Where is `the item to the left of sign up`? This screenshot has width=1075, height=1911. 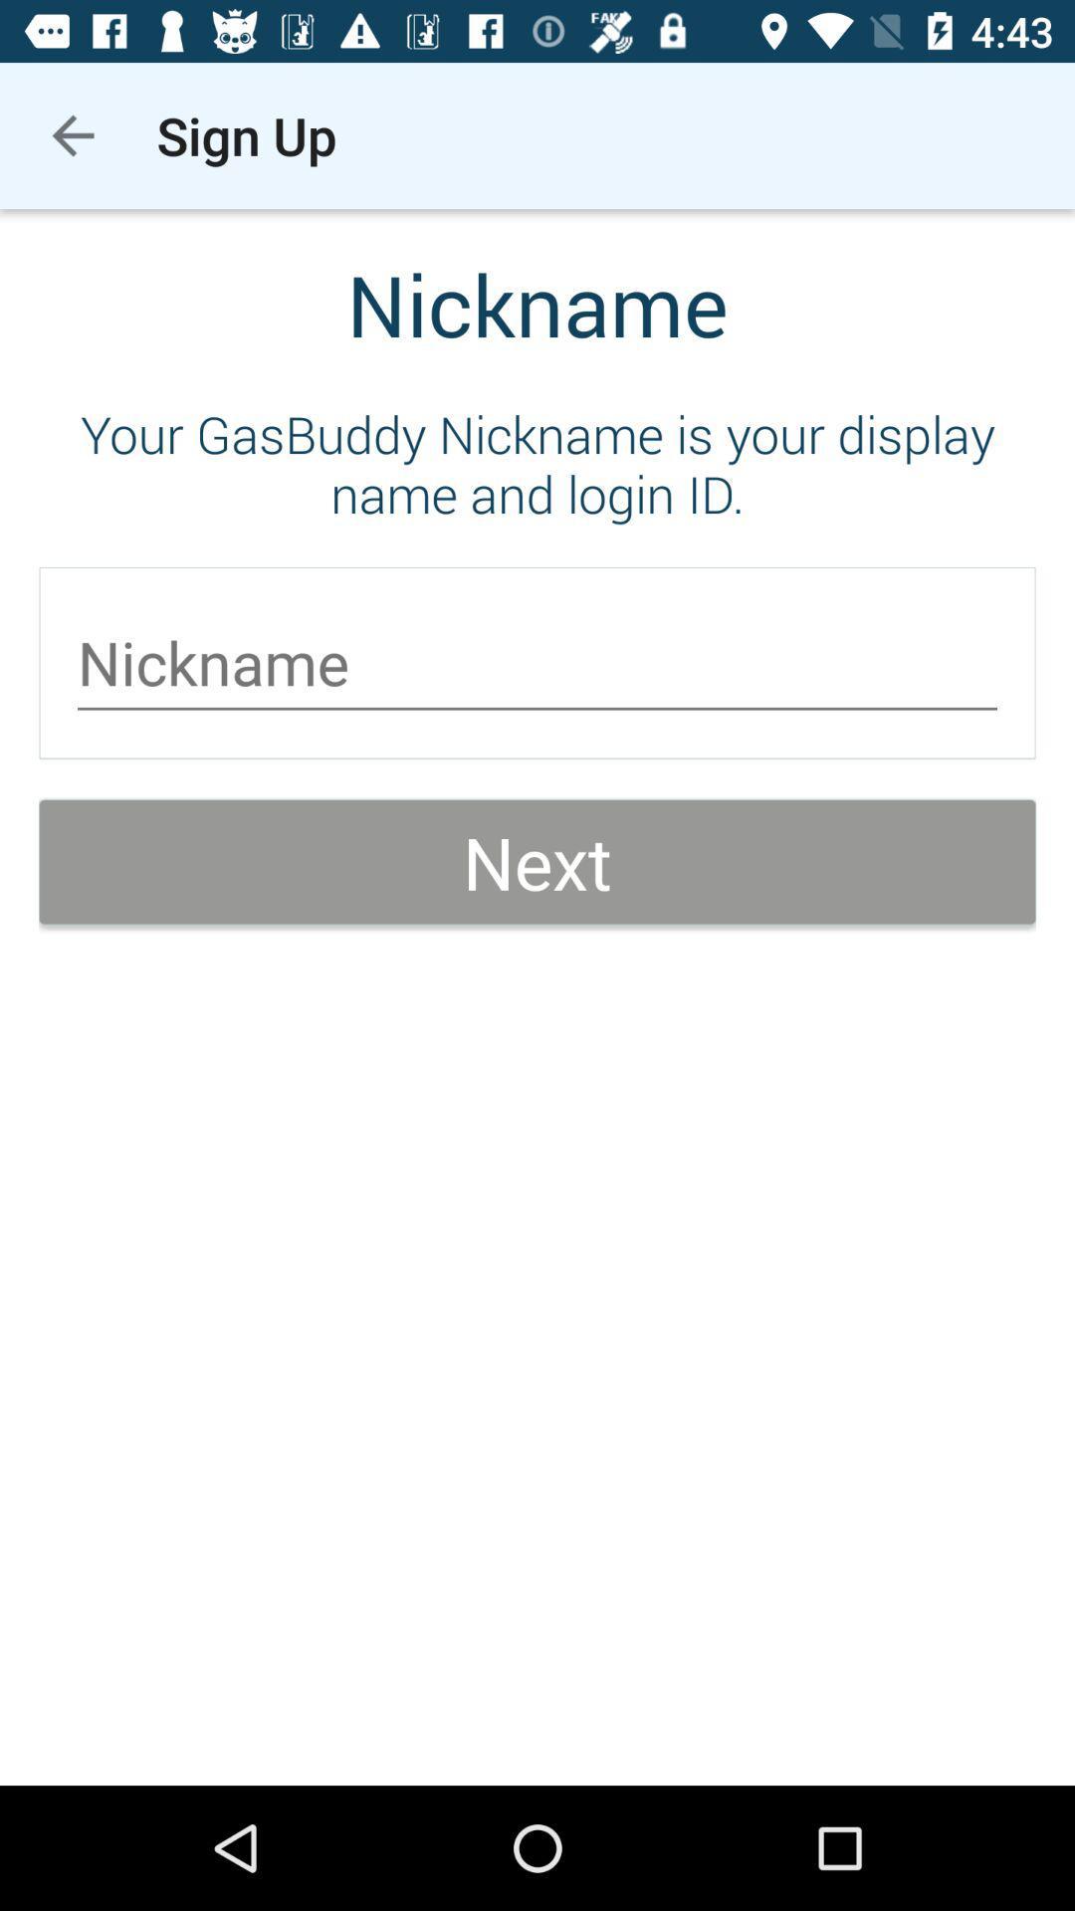
the item to the left of sign up is located at coordinates (72, 134).